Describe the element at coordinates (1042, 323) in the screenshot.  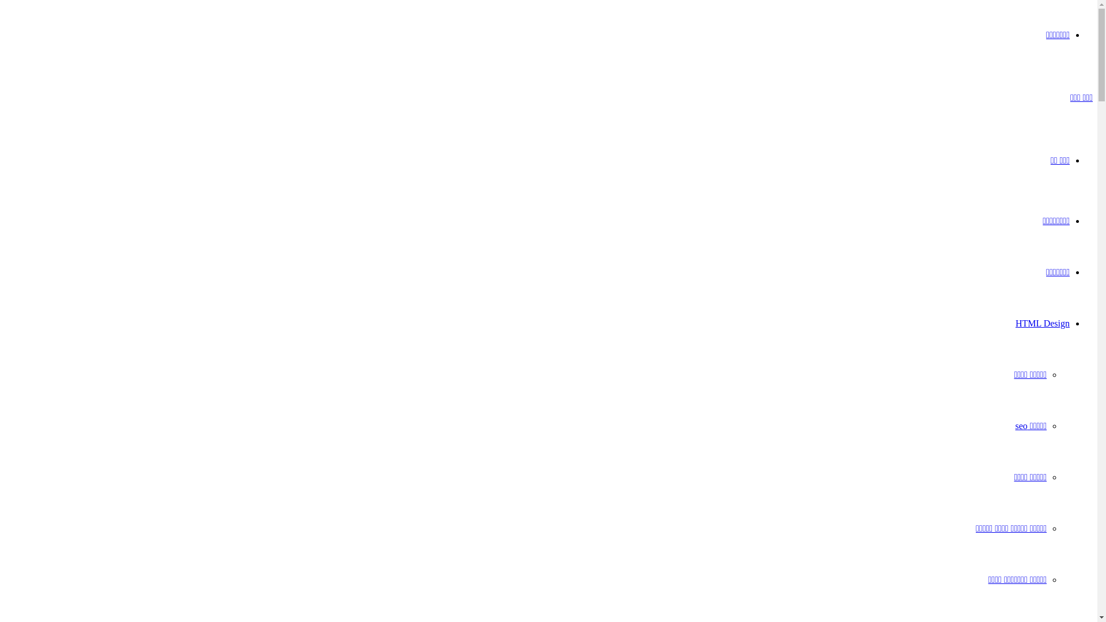
I see `'HTML Design'` at that location.